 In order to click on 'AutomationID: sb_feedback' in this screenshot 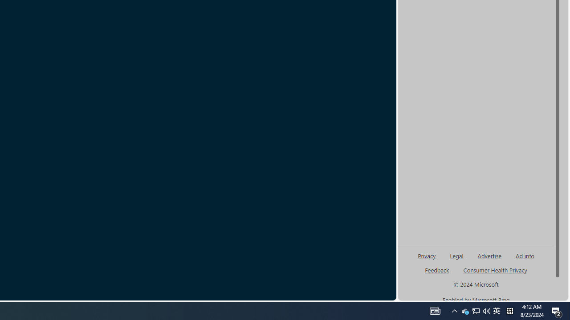, I will do `click(437, 269)`.